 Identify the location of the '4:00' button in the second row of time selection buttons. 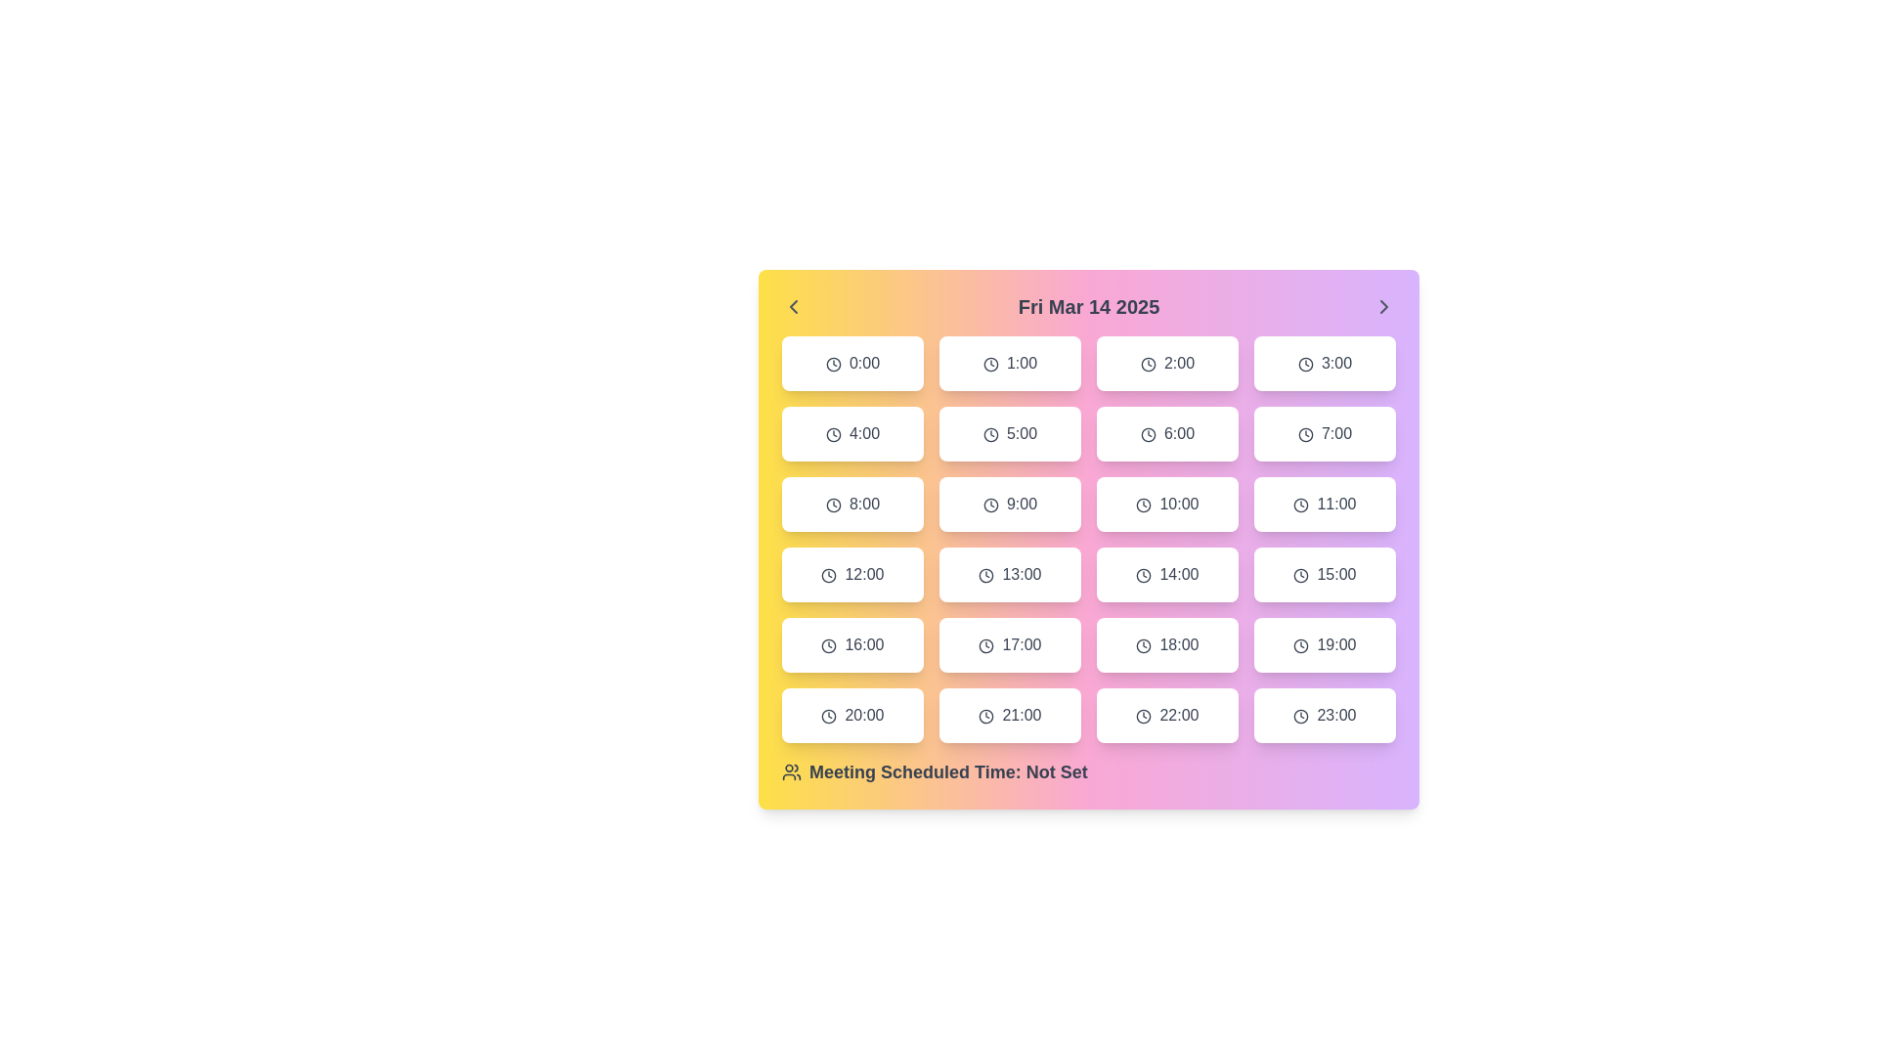
(852, 432).